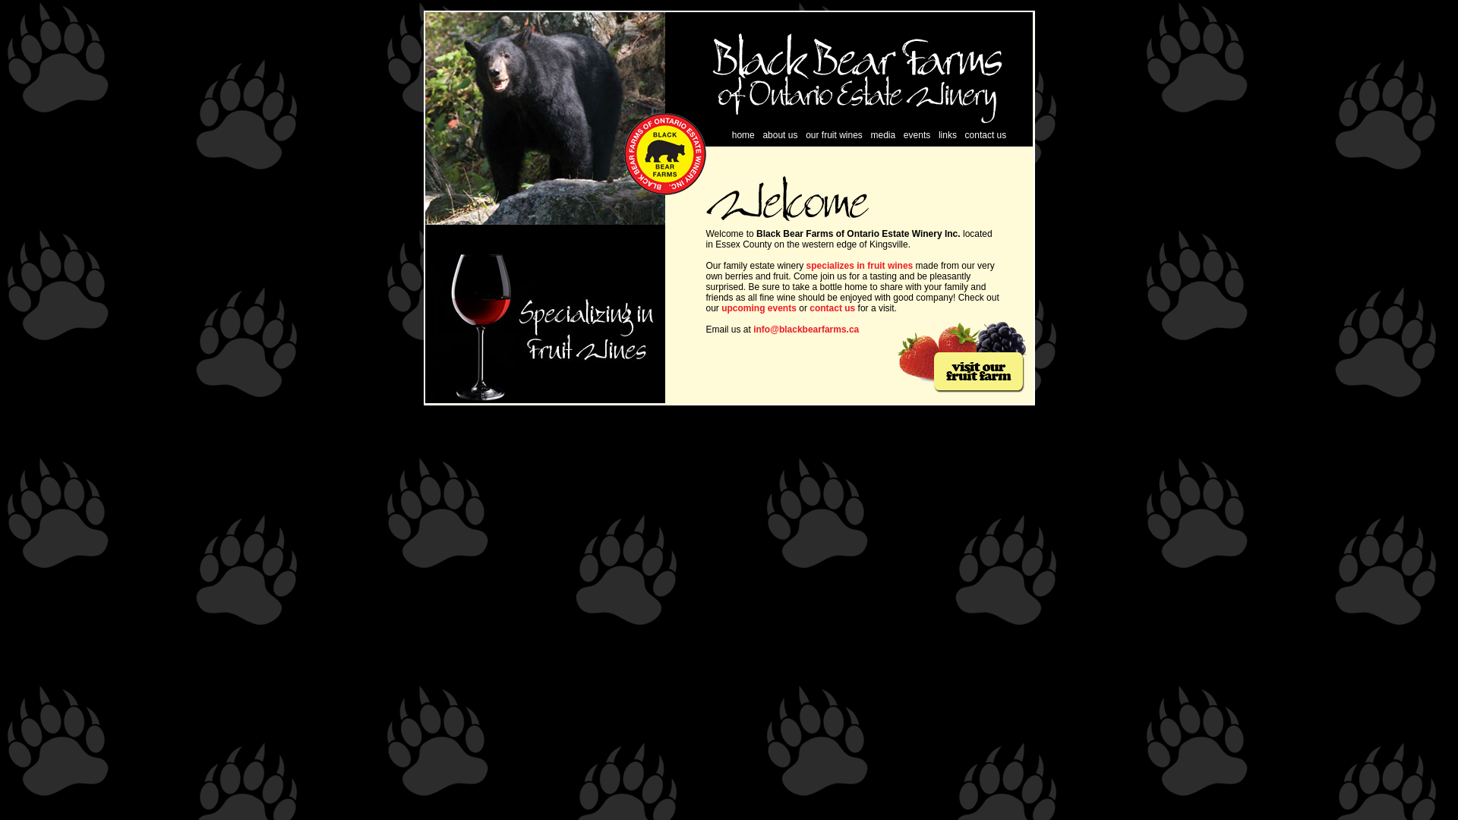 This screenshot has height=820, width=1458. I want to click on 'about us', so click(762, 134).